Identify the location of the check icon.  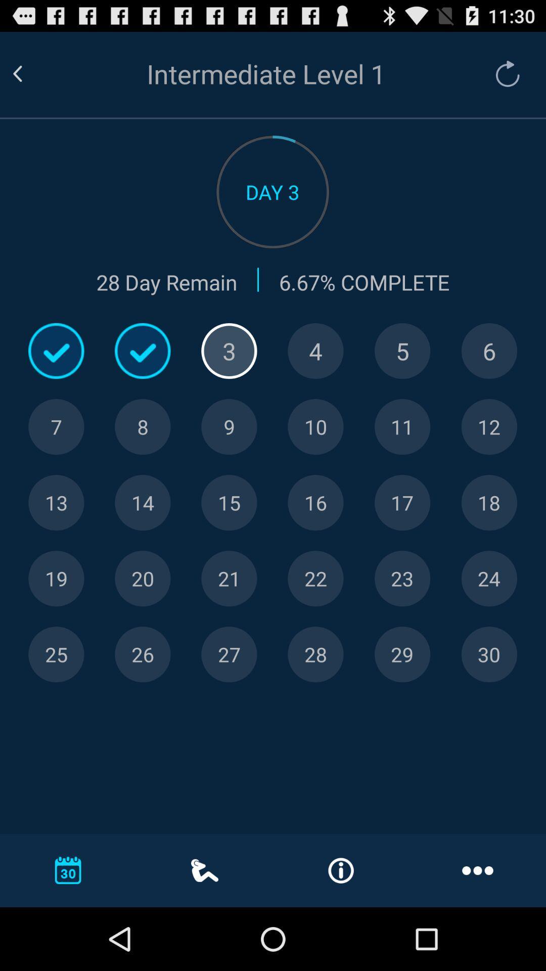
(56, 375).